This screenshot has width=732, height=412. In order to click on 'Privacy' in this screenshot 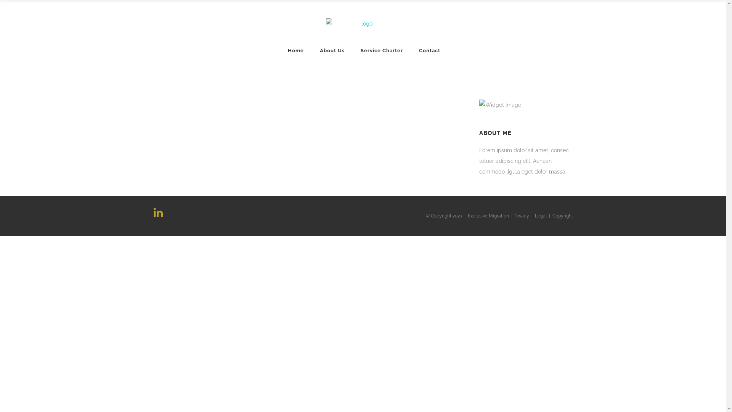, I will do `click(513, 216)`.